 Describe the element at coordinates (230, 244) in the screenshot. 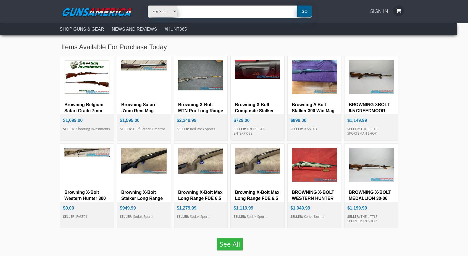

I see `'See All'` at that location.